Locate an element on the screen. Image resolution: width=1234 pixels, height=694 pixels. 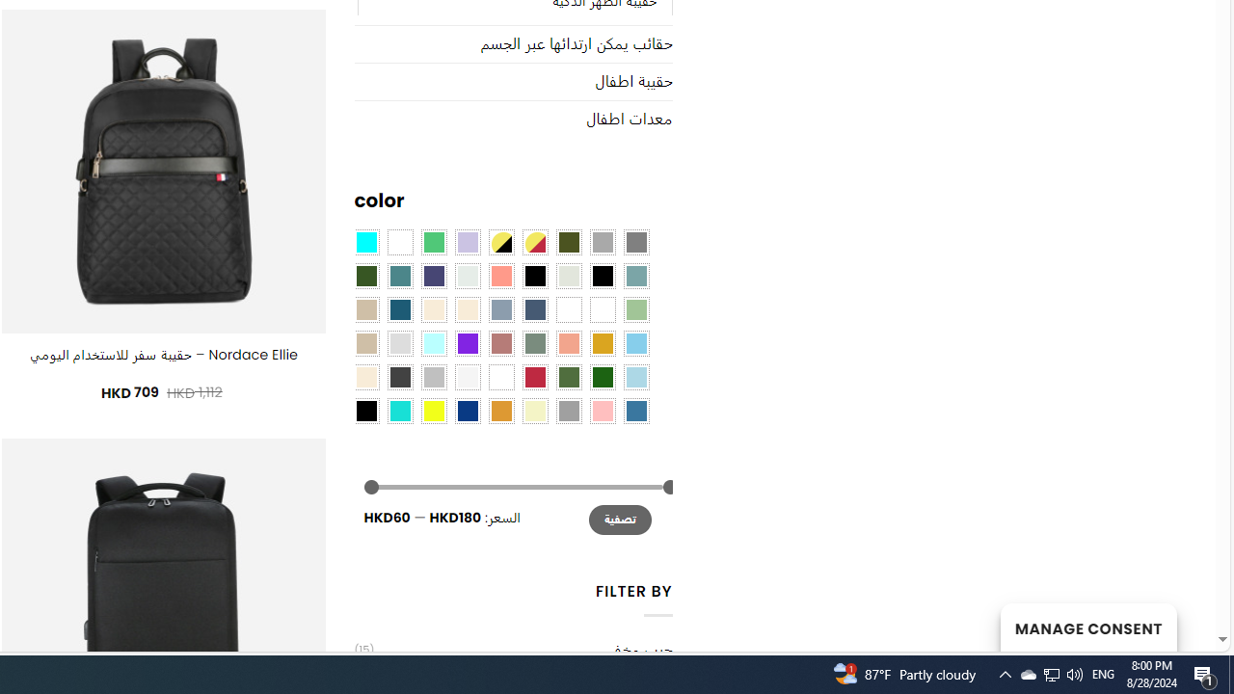
'Cream' is located at coordinates (468, 308).